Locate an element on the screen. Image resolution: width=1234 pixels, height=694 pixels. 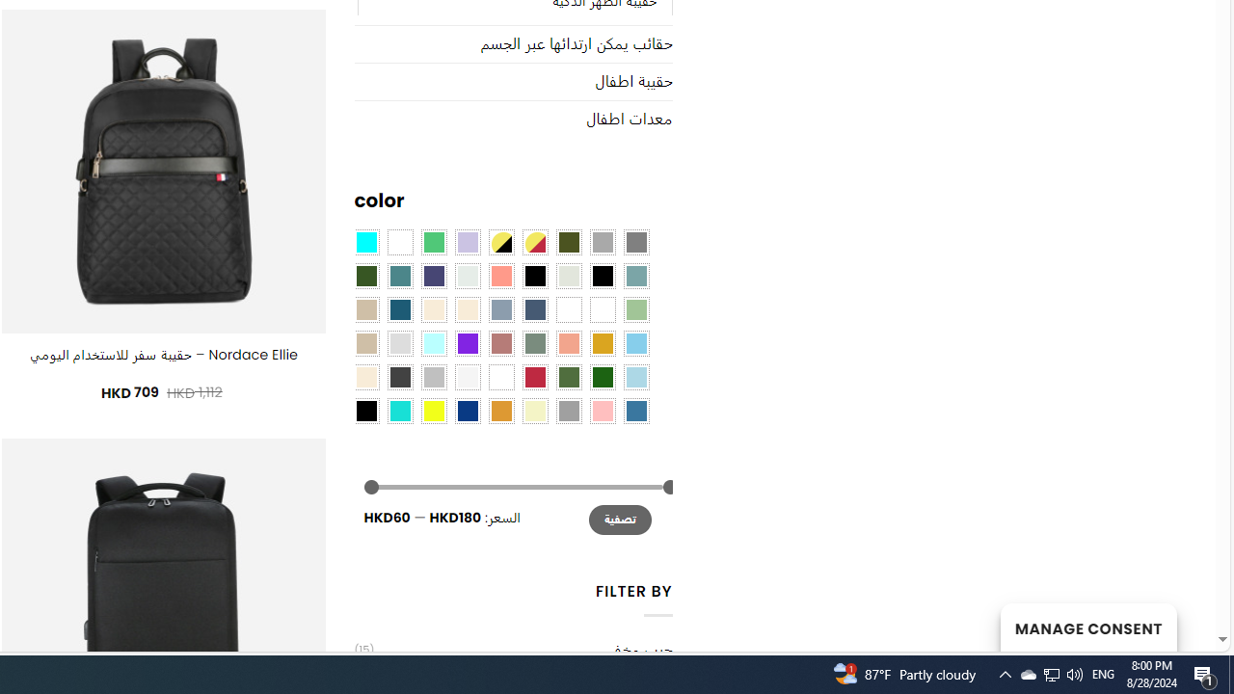
'Cream' is located at coordinates (468, 308).